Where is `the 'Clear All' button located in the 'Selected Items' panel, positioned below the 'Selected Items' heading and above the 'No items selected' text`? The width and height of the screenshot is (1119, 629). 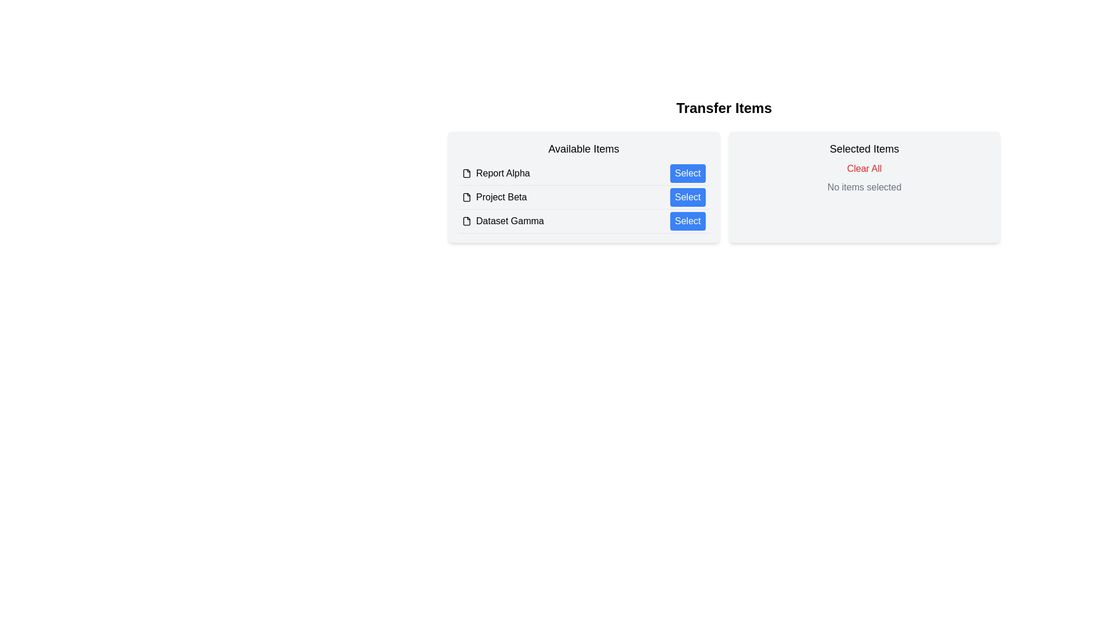 the 'Clear All' button located in the 'Selected Items' panel, positioned below the 'Selected Items' heading and above the 'No items selected' text is located at coordinates (864, 168).